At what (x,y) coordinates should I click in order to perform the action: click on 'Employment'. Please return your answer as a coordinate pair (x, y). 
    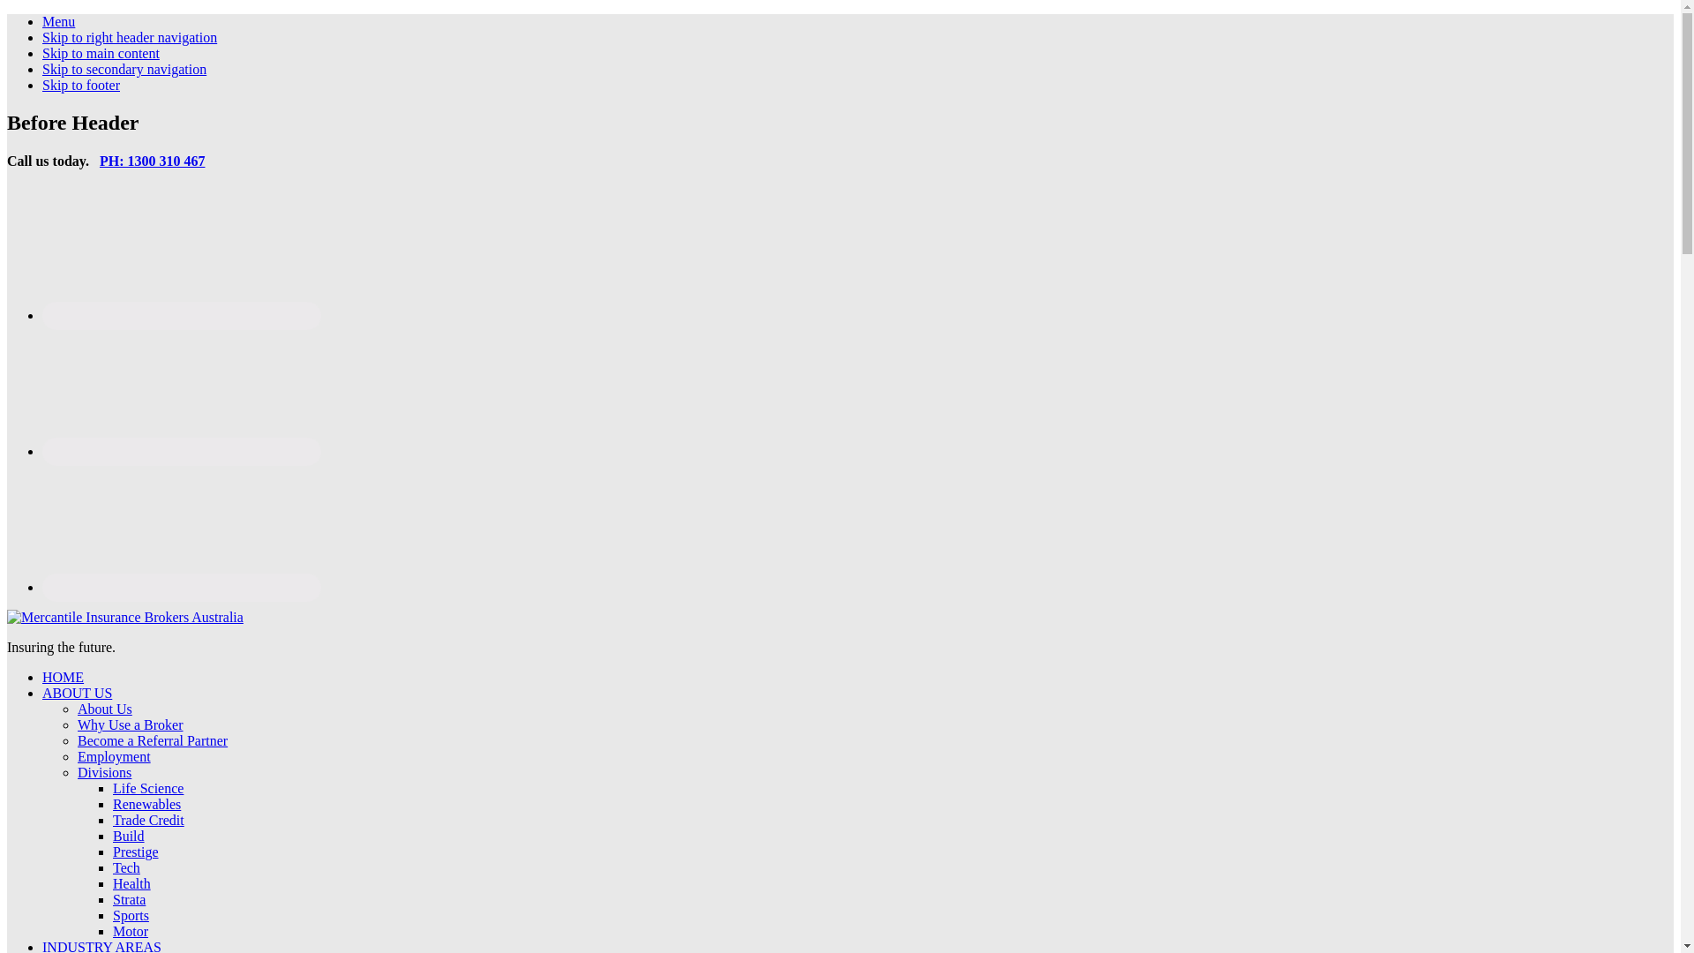
    Looking at the image, I should click on (76, 755).